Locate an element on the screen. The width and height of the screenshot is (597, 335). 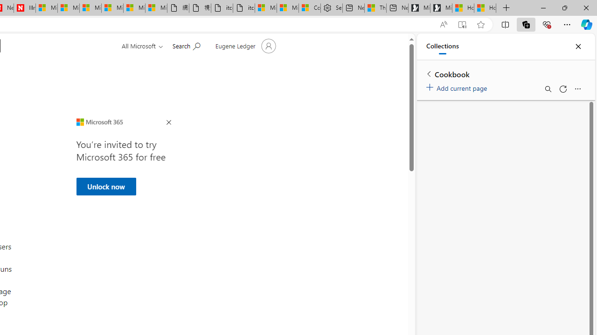
'itconcepthk.com/projector_solutions.mp4' is located at coordinates (244, 8).